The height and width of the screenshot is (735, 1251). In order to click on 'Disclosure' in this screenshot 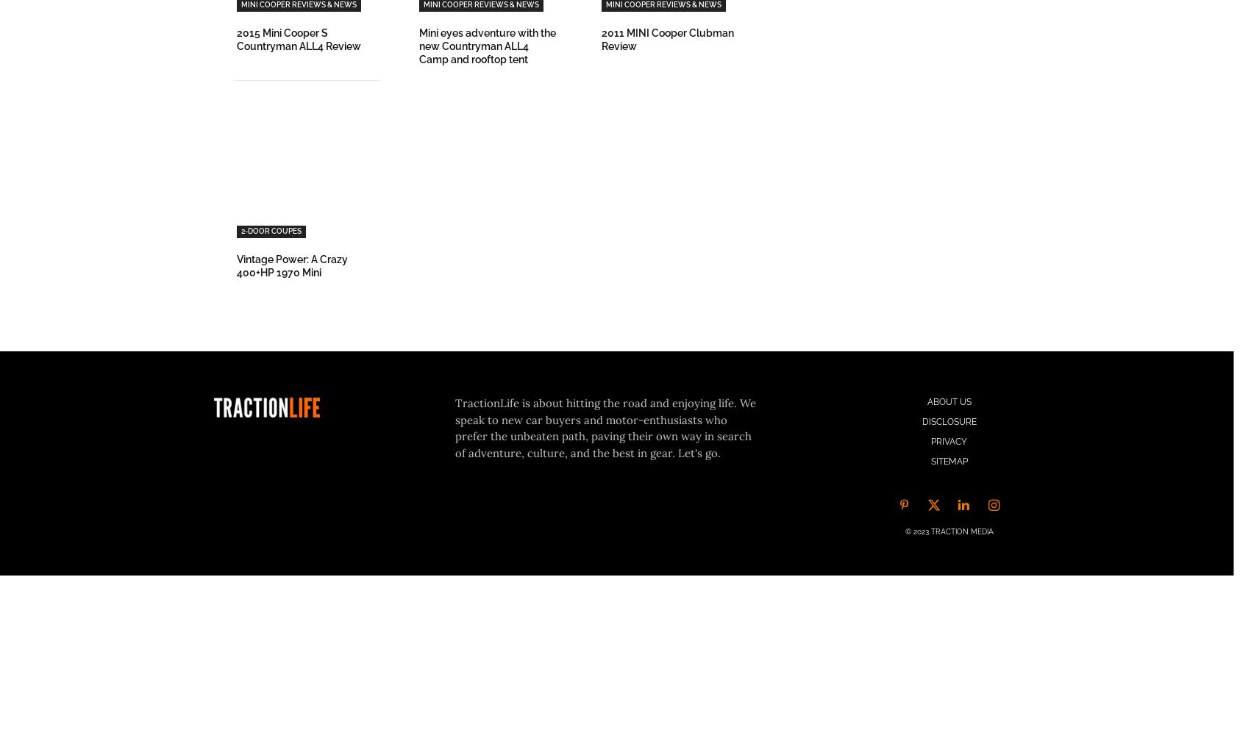, I will do `click(921, 421)`.